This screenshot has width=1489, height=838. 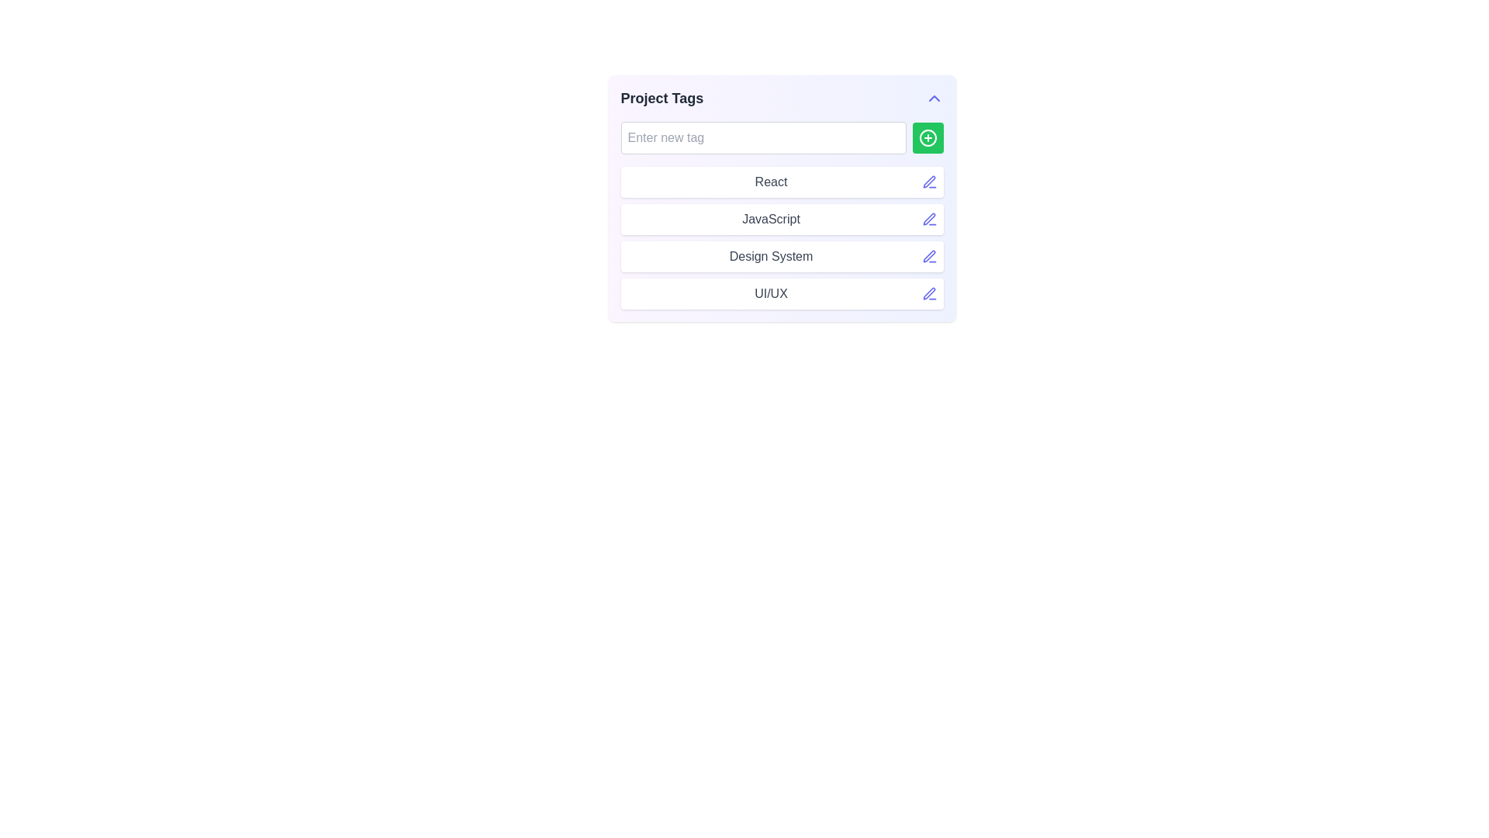 What do you see at coordinates (929, 218) in the screenshot?
I see `the edit icon located to the right of the 'JavaScript' tag to initiate editing` at bounding box center [929, 218].